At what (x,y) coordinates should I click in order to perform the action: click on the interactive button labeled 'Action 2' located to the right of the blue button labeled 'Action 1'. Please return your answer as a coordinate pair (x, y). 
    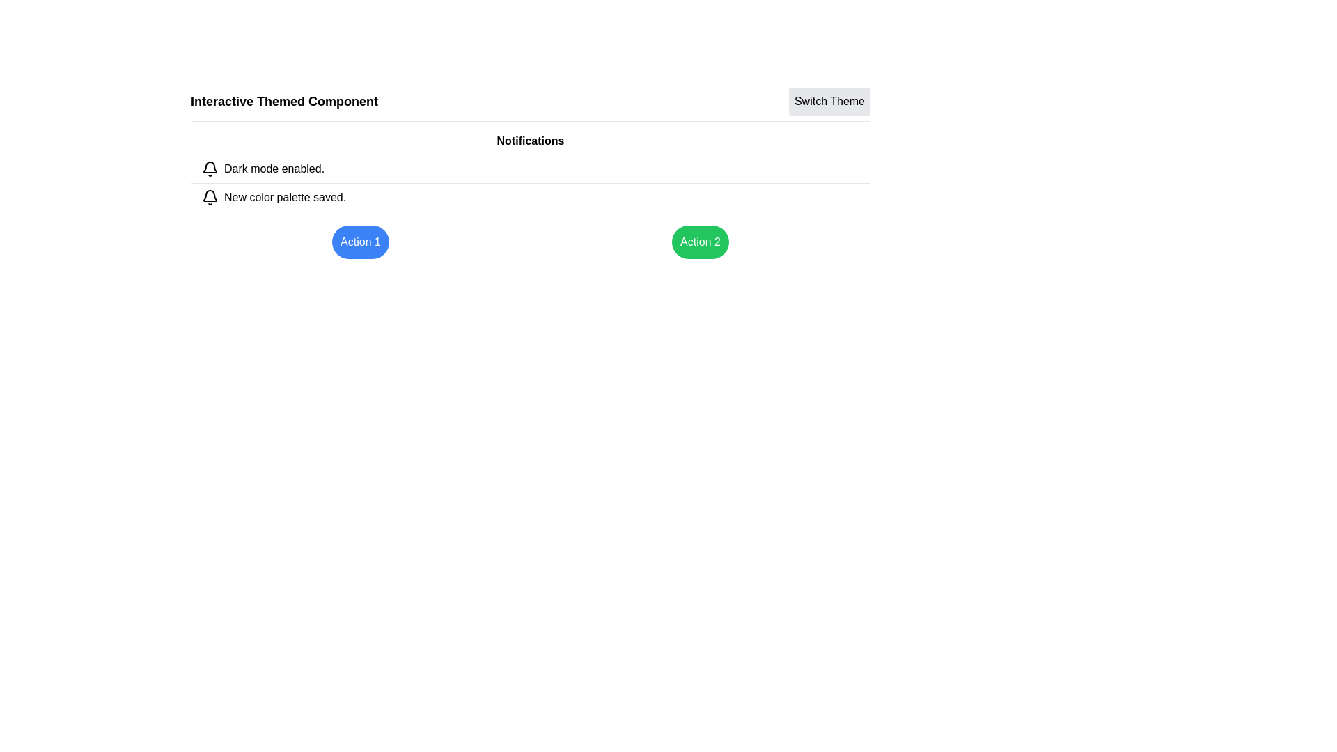
    Looking at the image, I should click on (701, 241).